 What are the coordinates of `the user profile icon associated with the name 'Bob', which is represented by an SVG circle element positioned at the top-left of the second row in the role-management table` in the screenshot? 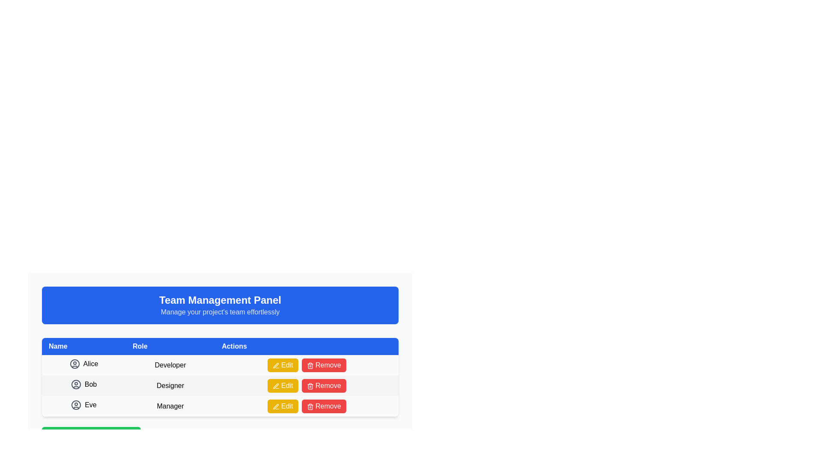 It's located at (76, 384).